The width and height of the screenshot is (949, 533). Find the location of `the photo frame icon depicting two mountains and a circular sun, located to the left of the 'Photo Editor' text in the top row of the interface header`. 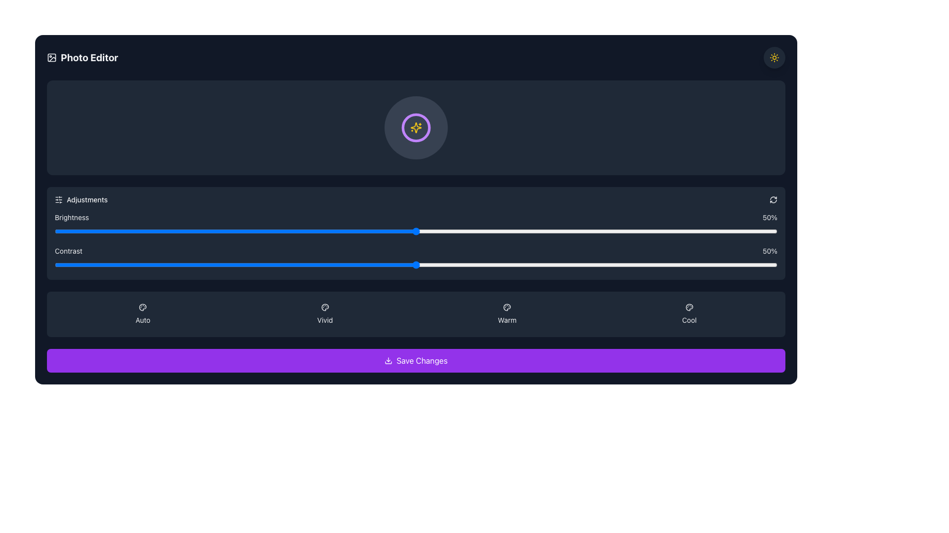

the photo frame icon depicting two mountains and a circular sun, located to the left of the 'Photo Editor' text in the top row of the interface header is located at coordinates (51, 57).